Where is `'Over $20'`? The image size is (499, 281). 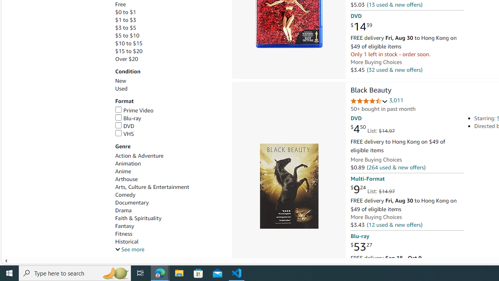 'Over $20' is located at coordinates (169, 59).